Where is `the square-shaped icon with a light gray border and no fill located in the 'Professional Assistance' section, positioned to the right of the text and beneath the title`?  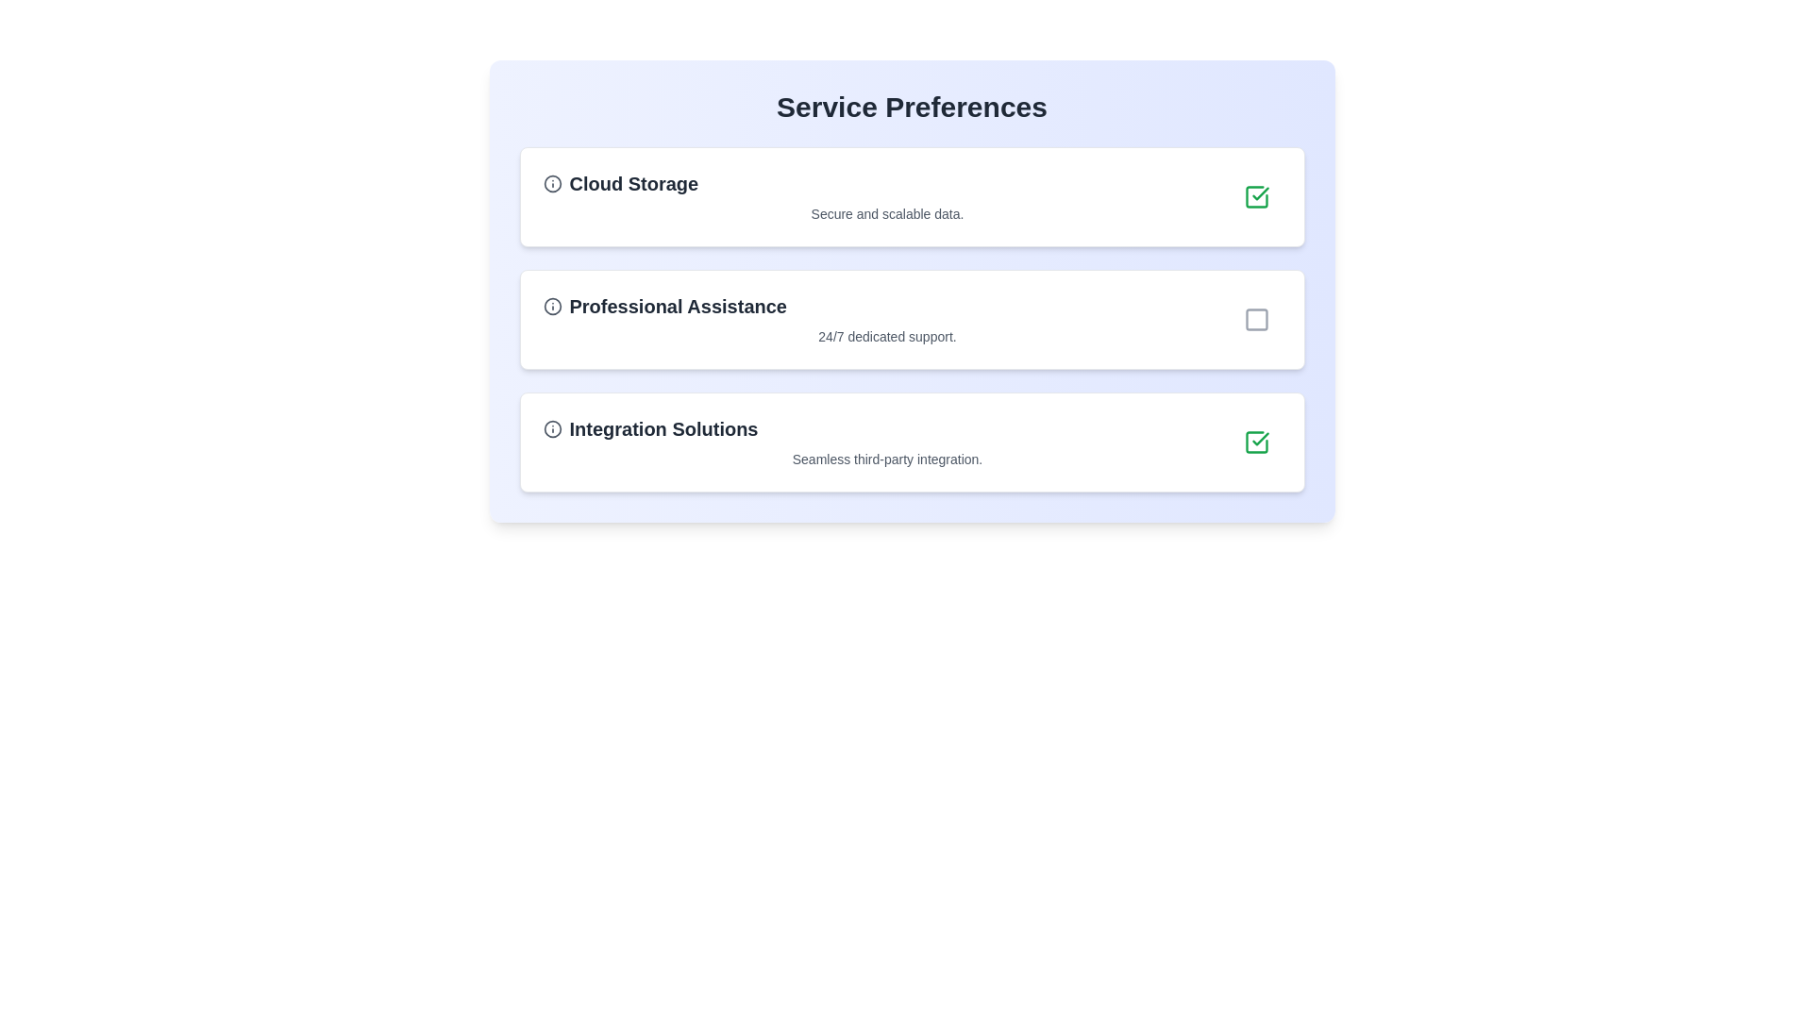 the square-shaped icon with a light gray border and no fill located in the 'Professional Assistance' section, positioned to the right of the text and beneath the title is located at coordinates (1256, 319).